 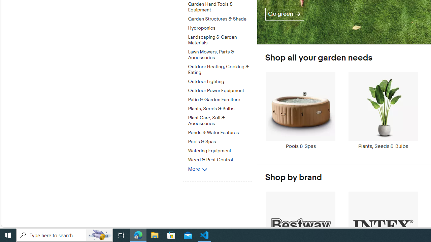 I want to click on 'Pools & Spas', so click(x=300, y=110).